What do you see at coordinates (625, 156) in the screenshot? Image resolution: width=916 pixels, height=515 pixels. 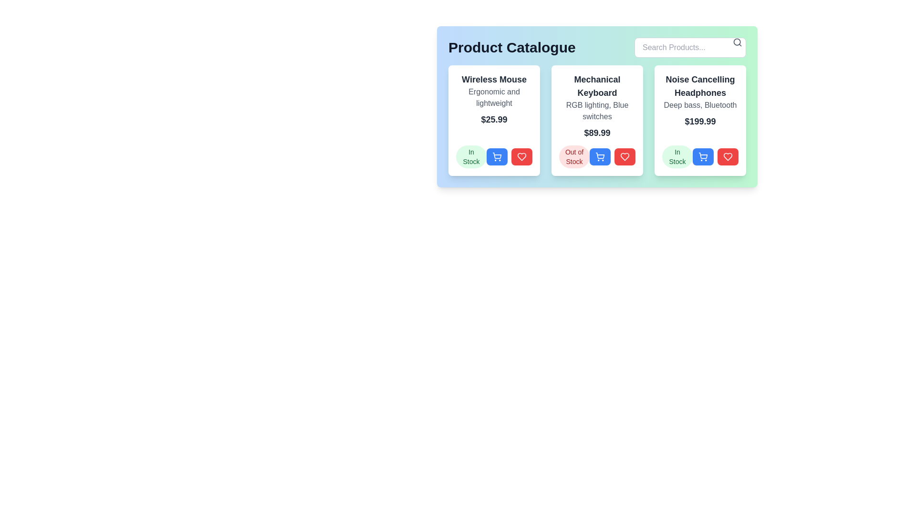 I see `the heart-shaped icon filled with red color located at the bottom right of the product card for 'Noise Cancelling Headphones'` at bounding box center [625, 156].